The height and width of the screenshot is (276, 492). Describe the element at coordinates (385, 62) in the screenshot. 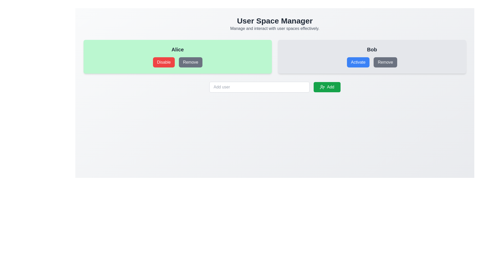

I see `the rightmost button in the 'Bob' section, which is located next to the 'Activate' button` at that location.